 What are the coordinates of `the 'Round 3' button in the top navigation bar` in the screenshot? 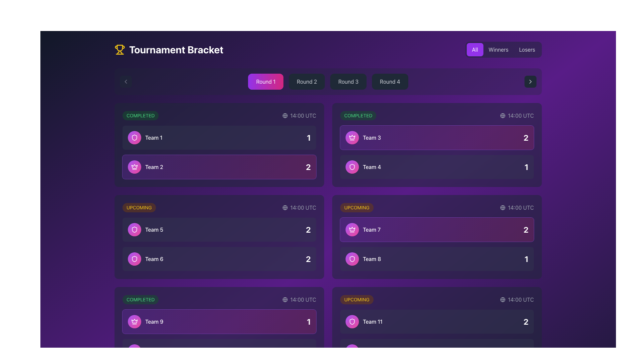 It's located at (348, 81).